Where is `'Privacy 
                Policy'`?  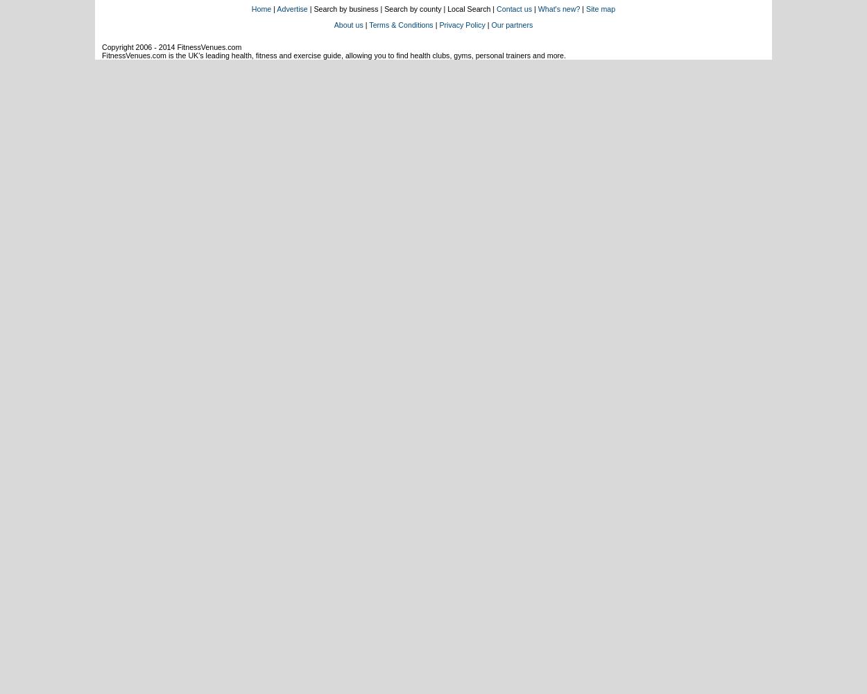 'Privacy 
                Policy' is located at coordinates (439, 25).